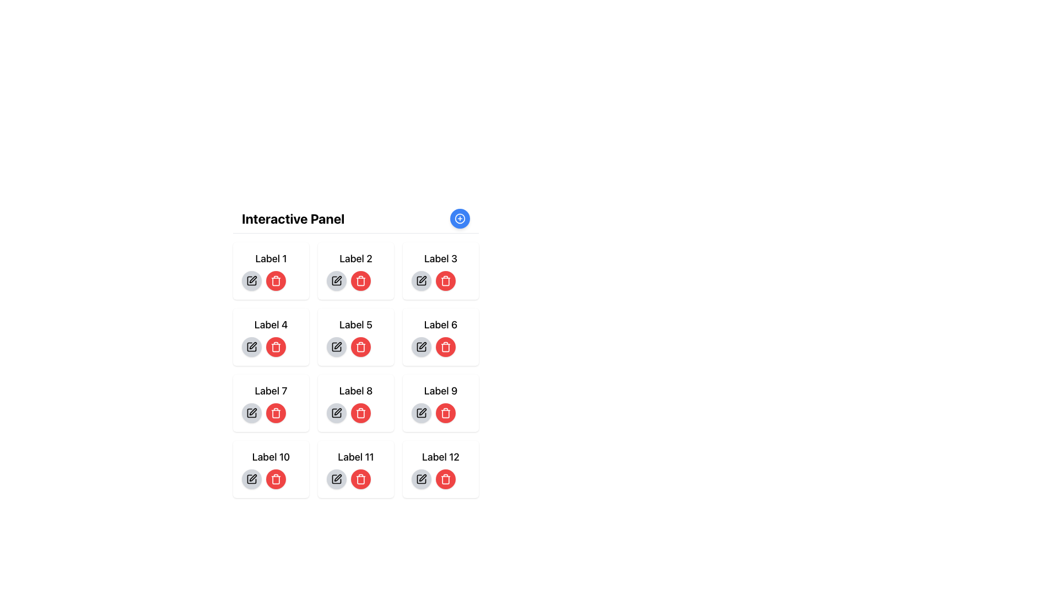 This screenshot has width=1058, height=595. I want to click on the button located in the third cell of the top row beneath the label 'Interactive Panel', so click(420, 280).